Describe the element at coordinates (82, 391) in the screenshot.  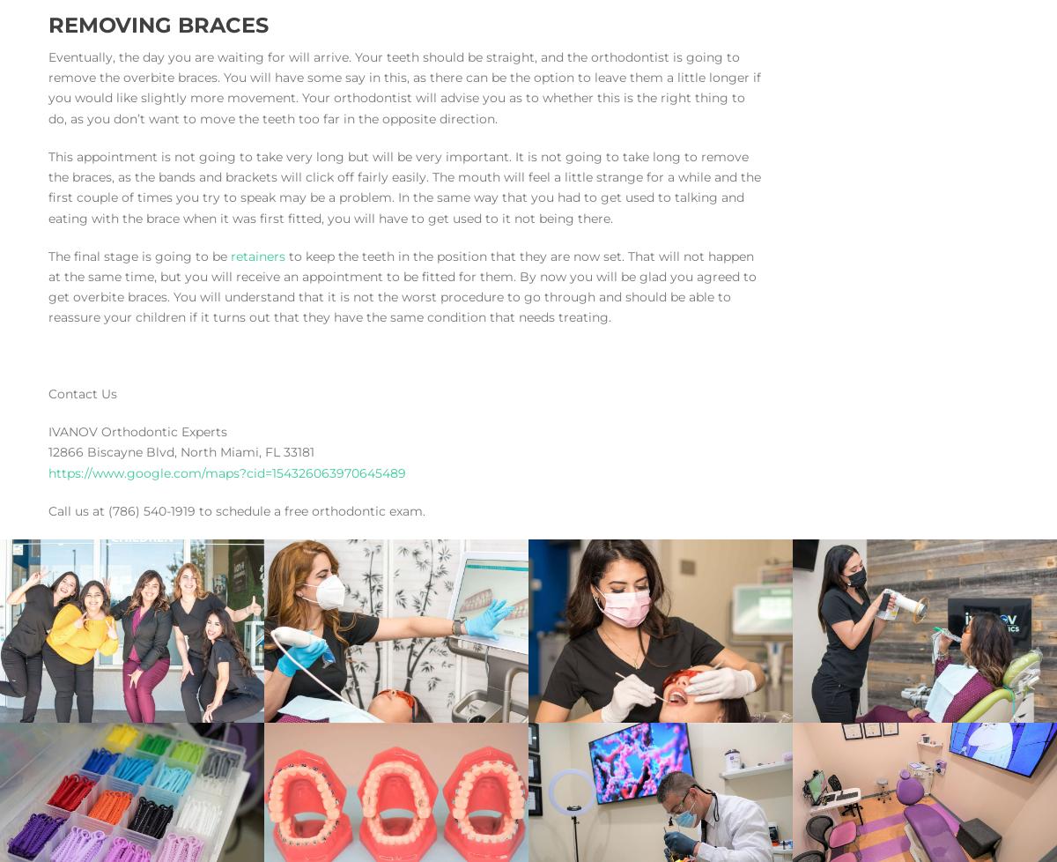
I see `'Contact Us'` at that location.